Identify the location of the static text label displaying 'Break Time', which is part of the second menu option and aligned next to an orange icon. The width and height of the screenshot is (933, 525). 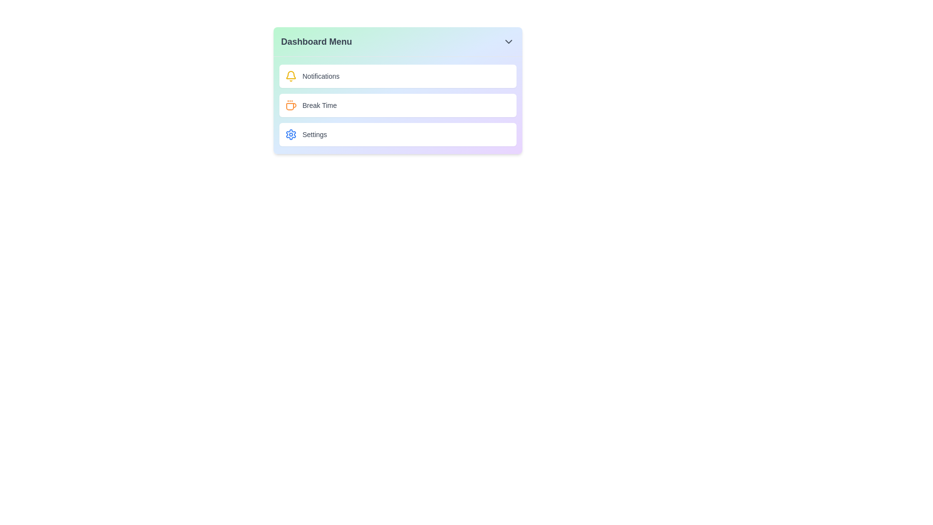
(319, 105).